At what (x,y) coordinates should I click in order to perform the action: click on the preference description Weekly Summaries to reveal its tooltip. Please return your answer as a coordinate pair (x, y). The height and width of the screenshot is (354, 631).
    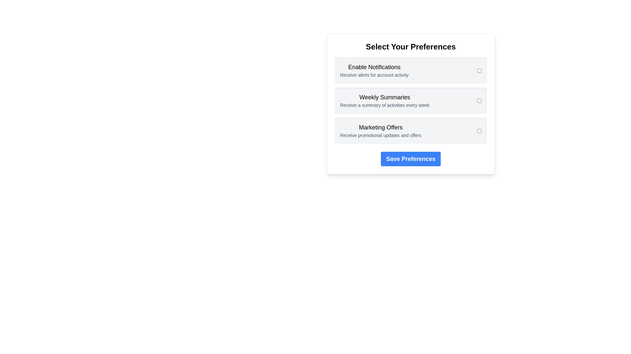
    Looking at the image, I should click on (385, 105).